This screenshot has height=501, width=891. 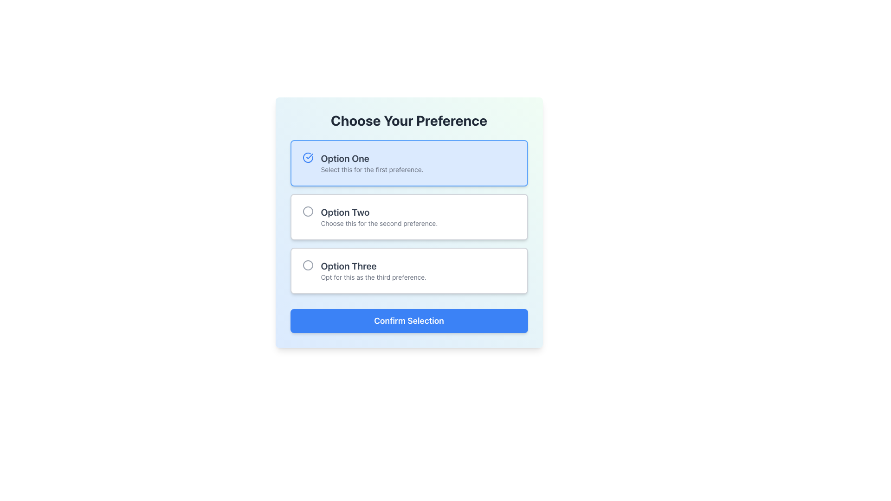 What do you see at coordinates (308, 157) in the screenshot?
I see `the graphical component resembling a segment of a circle with a checkmark inside, styled in blue, located next to the text 'Option One'` at bounding box center [308, 157].